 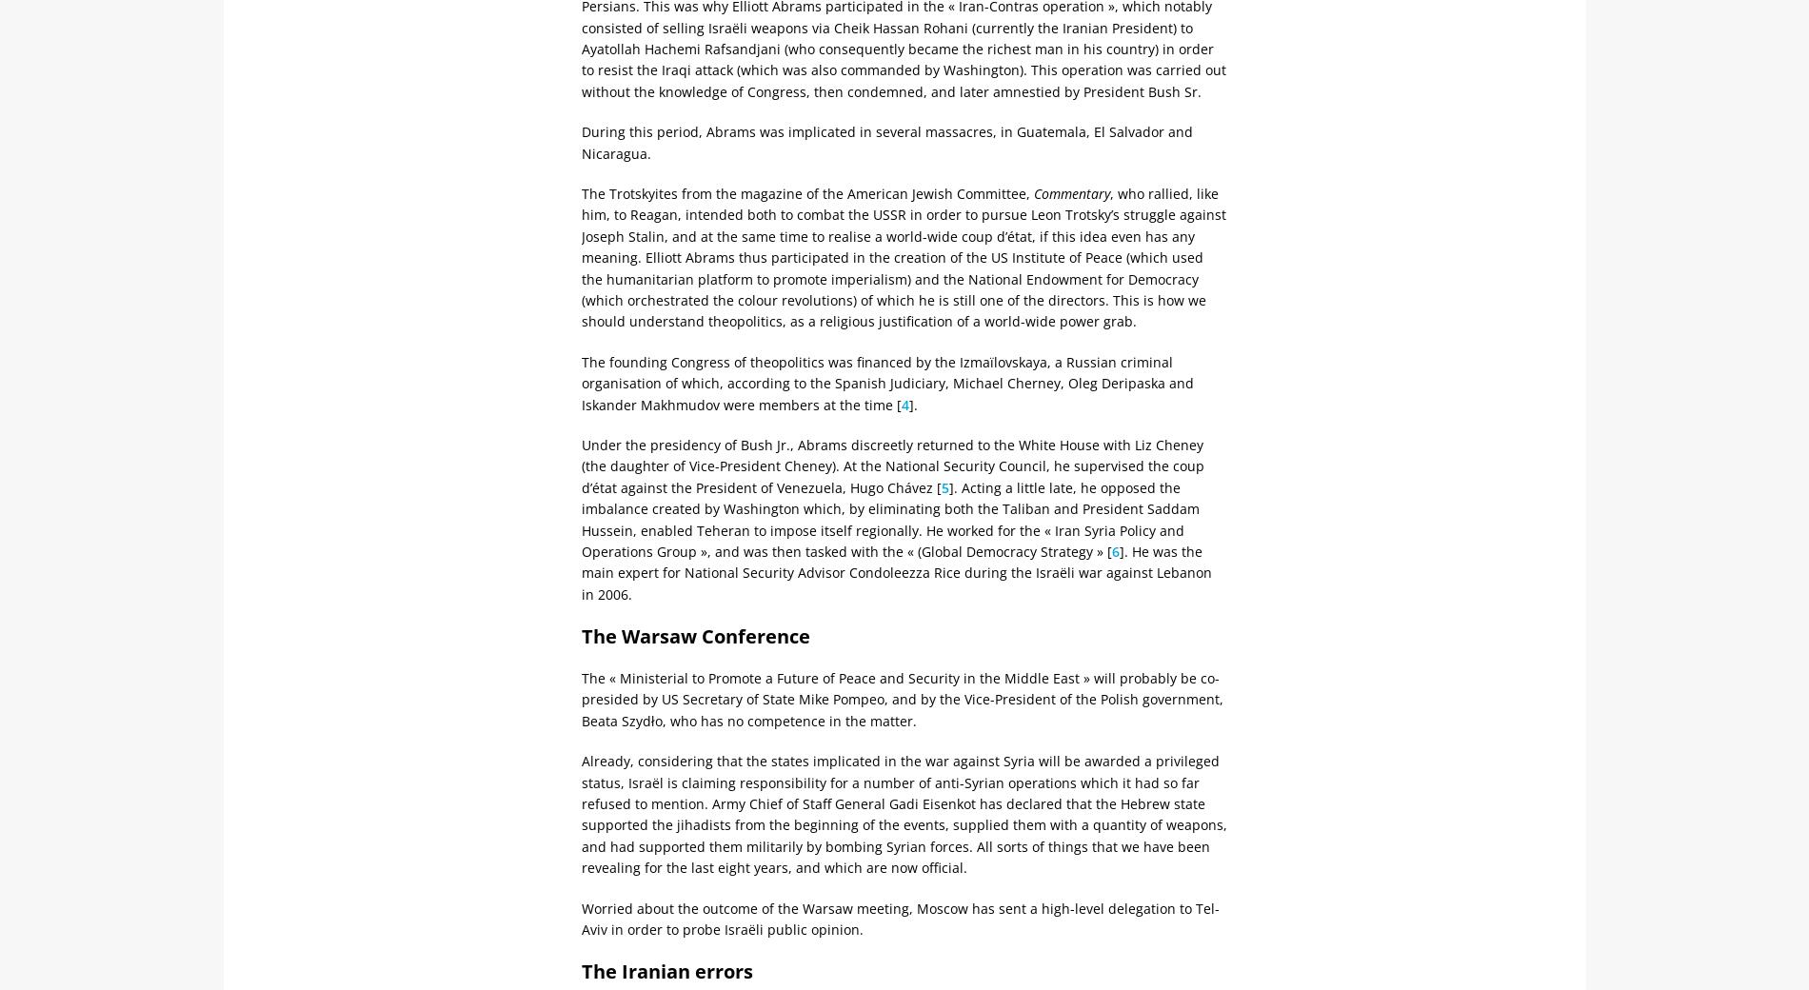 What do you see at coordinates (904, 813) in the screenshot?
I see `'Already, considering that the states implicated in the war against Syria will be awarded a privileged status, Israël is claiming responsibility for a number of anti-Syrian operations which it had so far refused to mention. Army Chief of Staff General Gadi Eisenkot has declared that the Hebrew state supported the jihadists from the beginning of the events, supplied them with a quantity of weapons, and had supported them militarily by bombing Syrian forces. All sorts of things that we have been revealing for the last eight years, and which are now official.'` at bounding box center [904, 813].